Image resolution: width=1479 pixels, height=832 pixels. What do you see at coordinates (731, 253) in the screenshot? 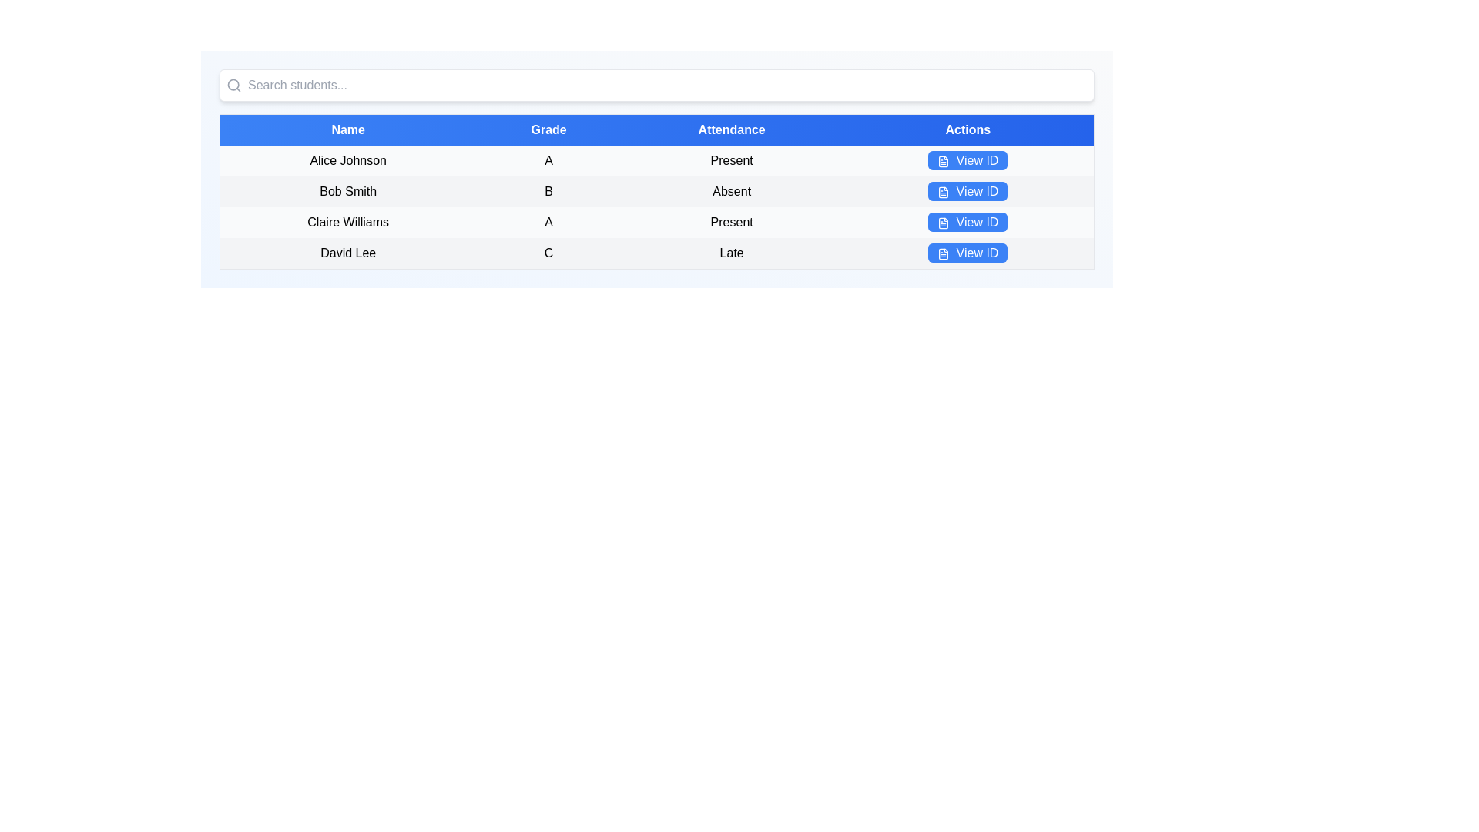
I see `the static text displaying 'Late' for the individual 'David Lee' located in the third column of the last row of the attendance table` at bounding box center [731, 253].